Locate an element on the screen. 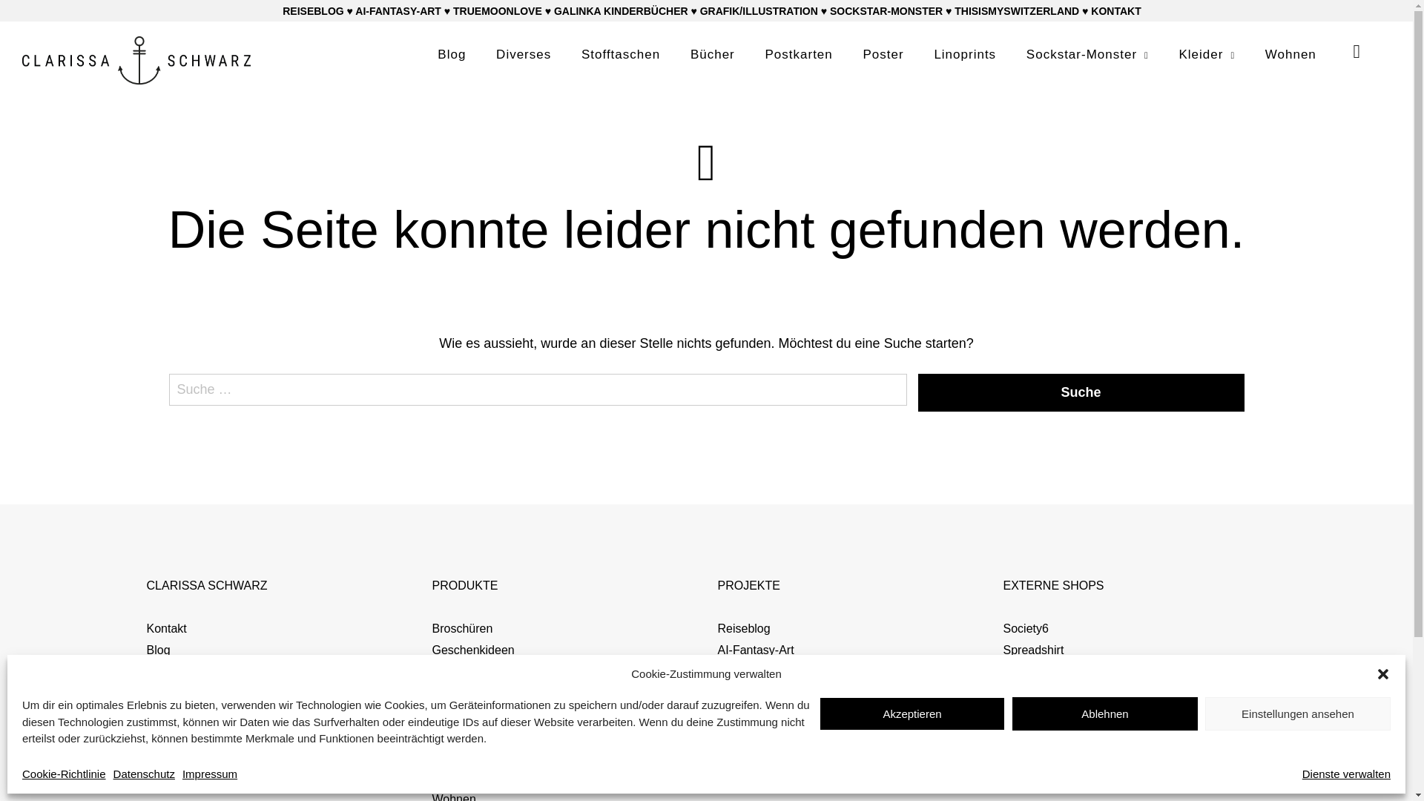 This screenshot has width=1424, height=801. 'Geschenkideen' is located at coordinates (472, 649).